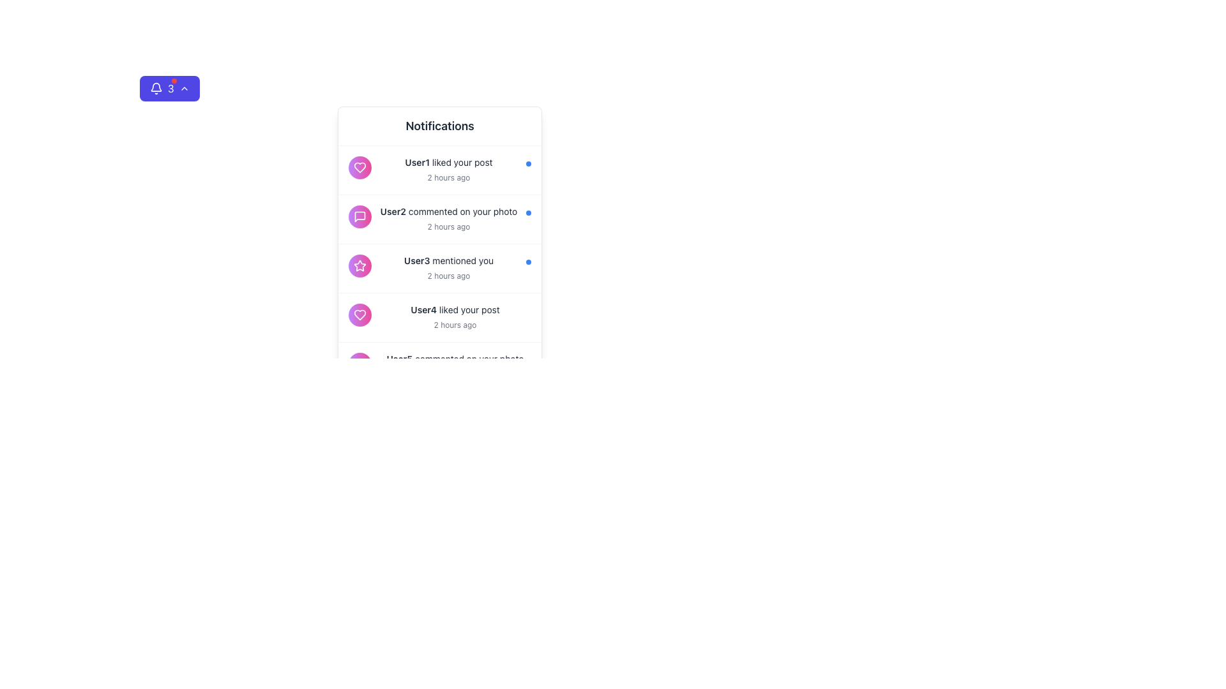  I want to click on text content of the text block displayed in a sans-serif font style, styled in a smaller size, and has a dark gray color, located in the second row of notifications, so click(448, 211).